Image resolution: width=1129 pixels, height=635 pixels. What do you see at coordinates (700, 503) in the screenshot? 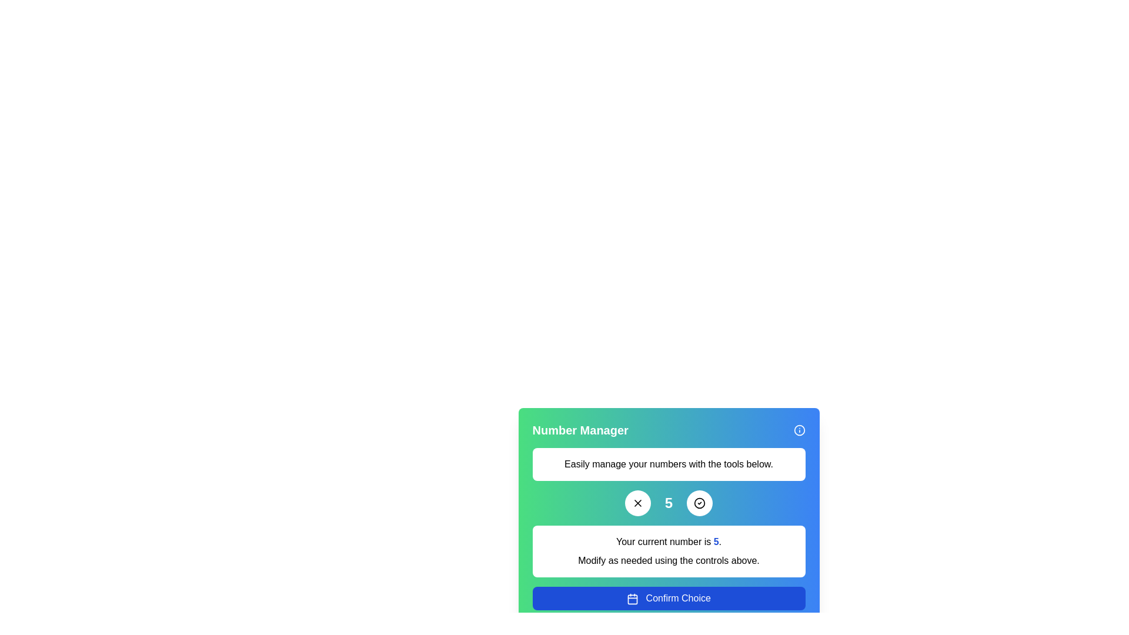
I see `the Circle-check icon, which features a black-bordered circular design with a check mark inside, located to the right of the number 5 in the Number Manager section` at bounding box center [700, 503].